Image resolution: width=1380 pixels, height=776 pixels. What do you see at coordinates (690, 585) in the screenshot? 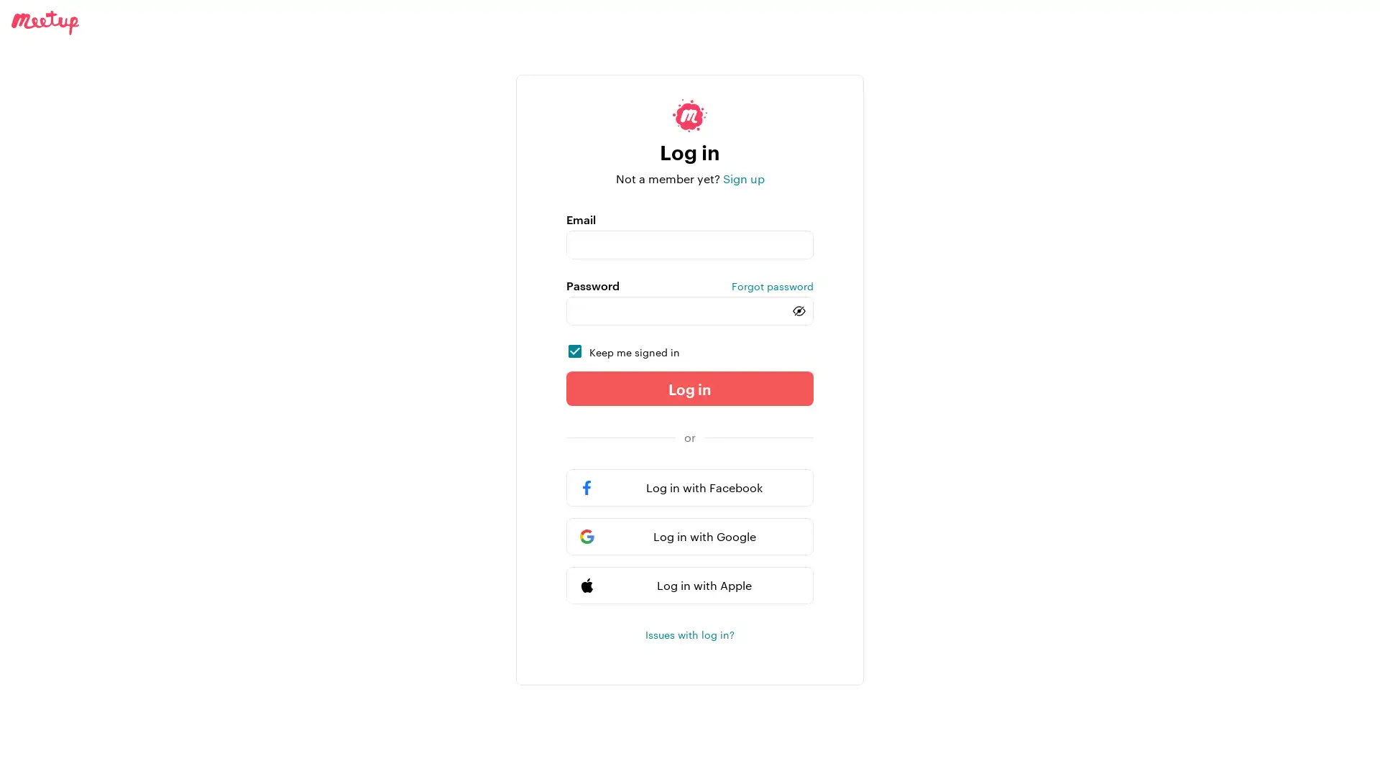
I see `Log in with Apple` at bounding box center [690, 585].